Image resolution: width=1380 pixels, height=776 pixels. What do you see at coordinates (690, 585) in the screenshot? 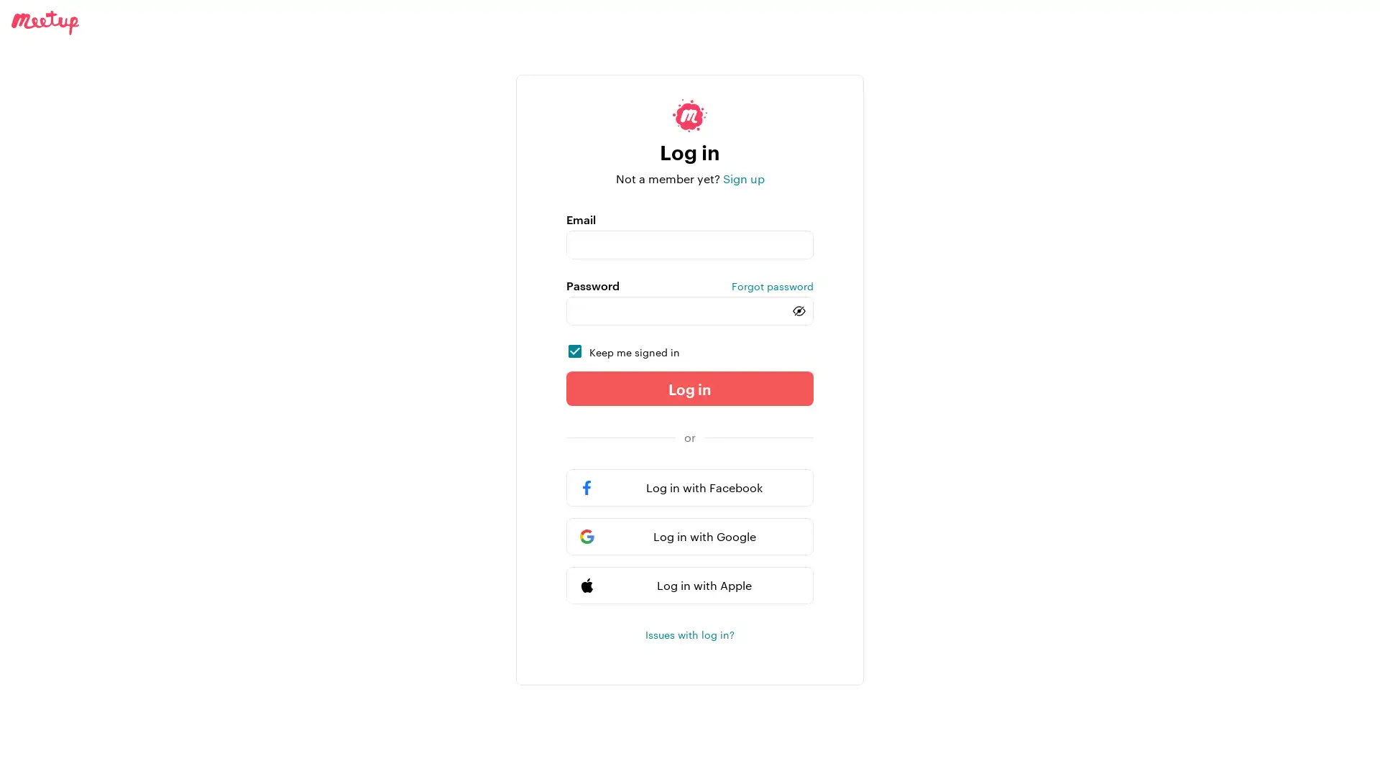
I see `Log in with Apple` at bounding box center [690, 585].